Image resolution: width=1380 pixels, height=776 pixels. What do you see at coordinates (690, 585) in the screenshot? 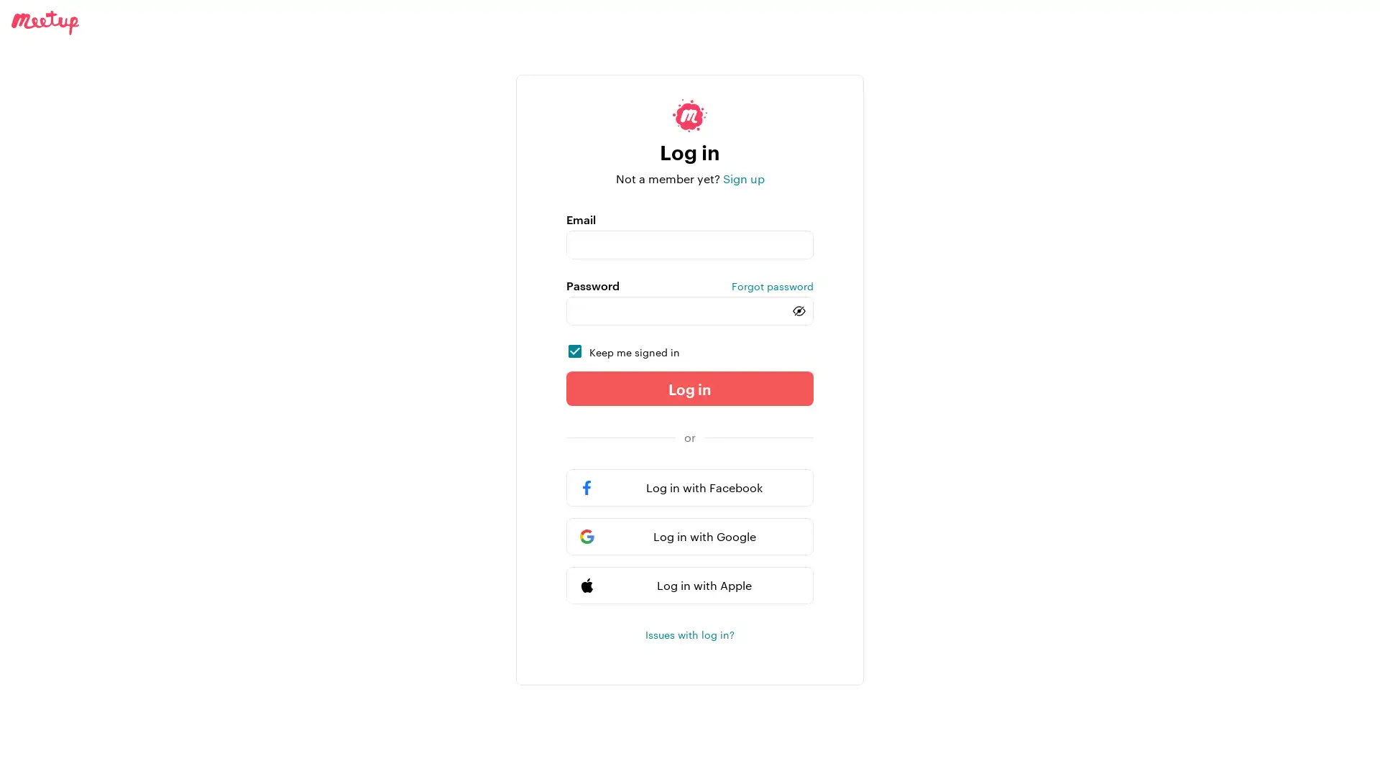
I see `Log in with Apple` at bounding box center [690, 585].